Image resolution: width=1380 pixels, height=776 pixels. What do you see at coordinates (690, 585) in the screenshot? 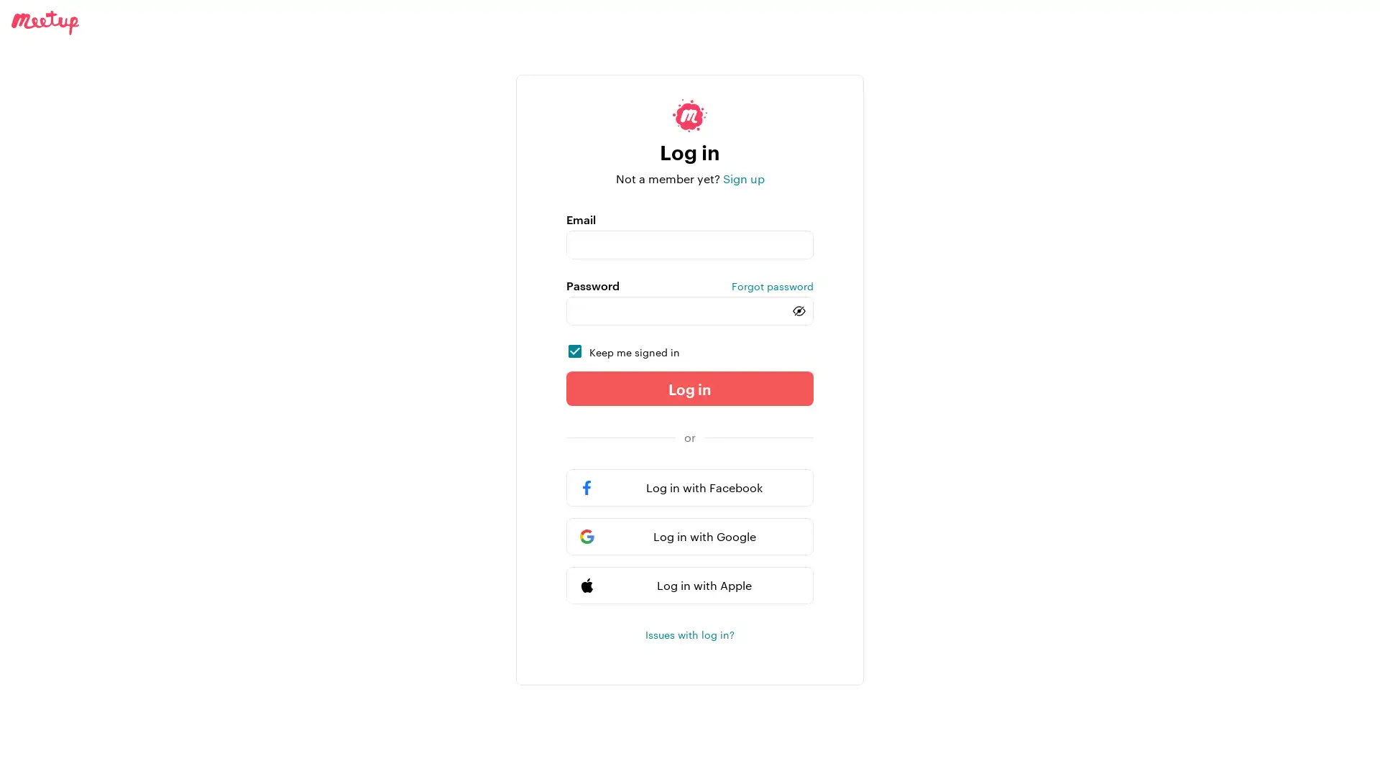
I see `Log in with Apple` at bounding box center [690, 585].